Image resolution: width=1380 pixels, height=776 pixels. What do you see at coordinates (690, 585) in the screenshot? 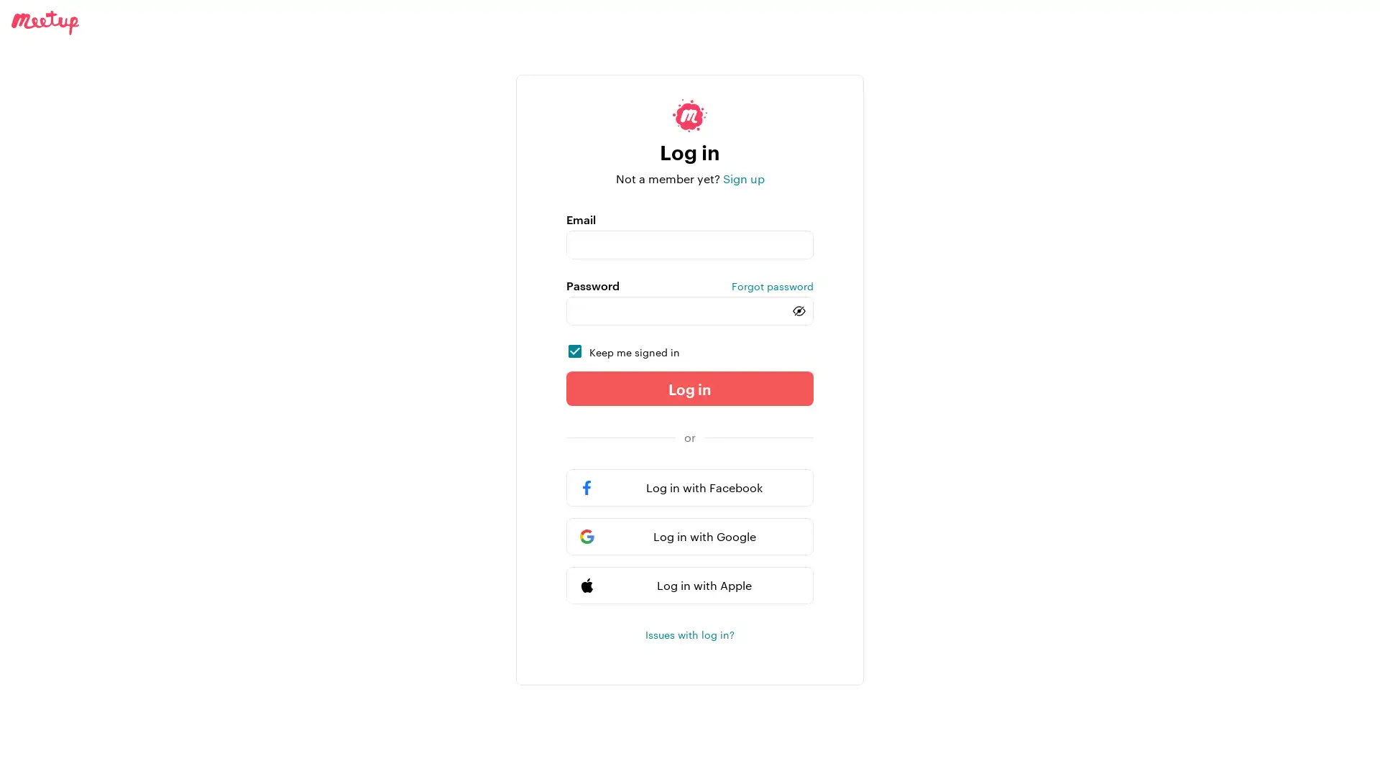
I see `Log in with Apple` at bounding box center [690, 585].